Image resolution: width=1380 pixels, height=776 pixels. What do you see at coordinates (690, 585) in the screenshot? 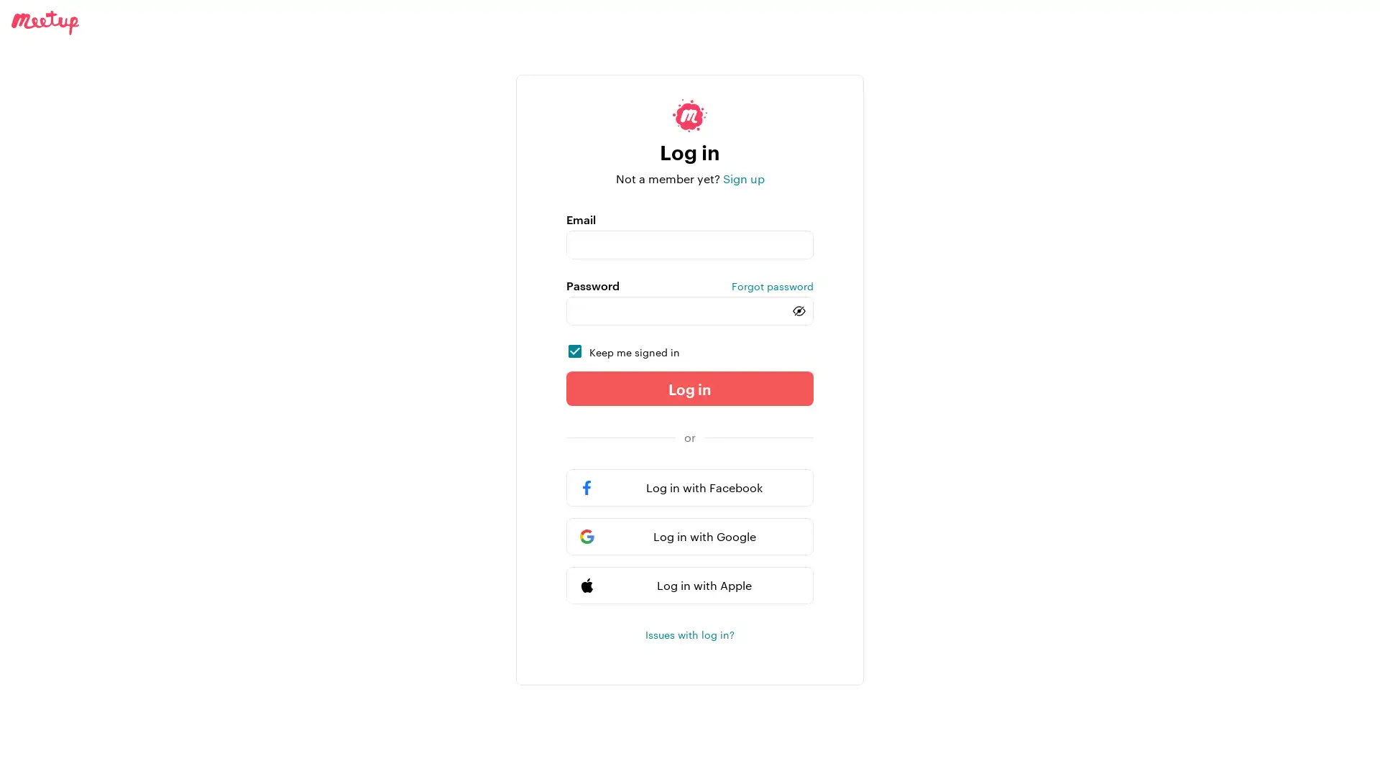
I see `Log in with Apple` at bounding box center [690, 585].